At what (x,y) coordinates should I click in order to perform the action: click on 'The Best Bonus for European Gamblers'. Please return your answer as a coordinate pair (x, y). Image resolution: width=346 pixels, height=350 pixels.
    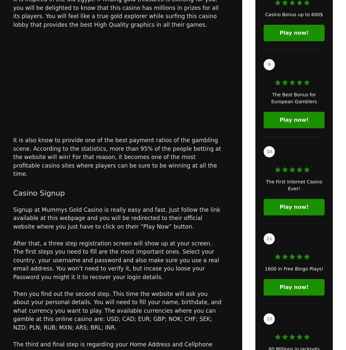
    Looking at the image, I should click on (293, 97).